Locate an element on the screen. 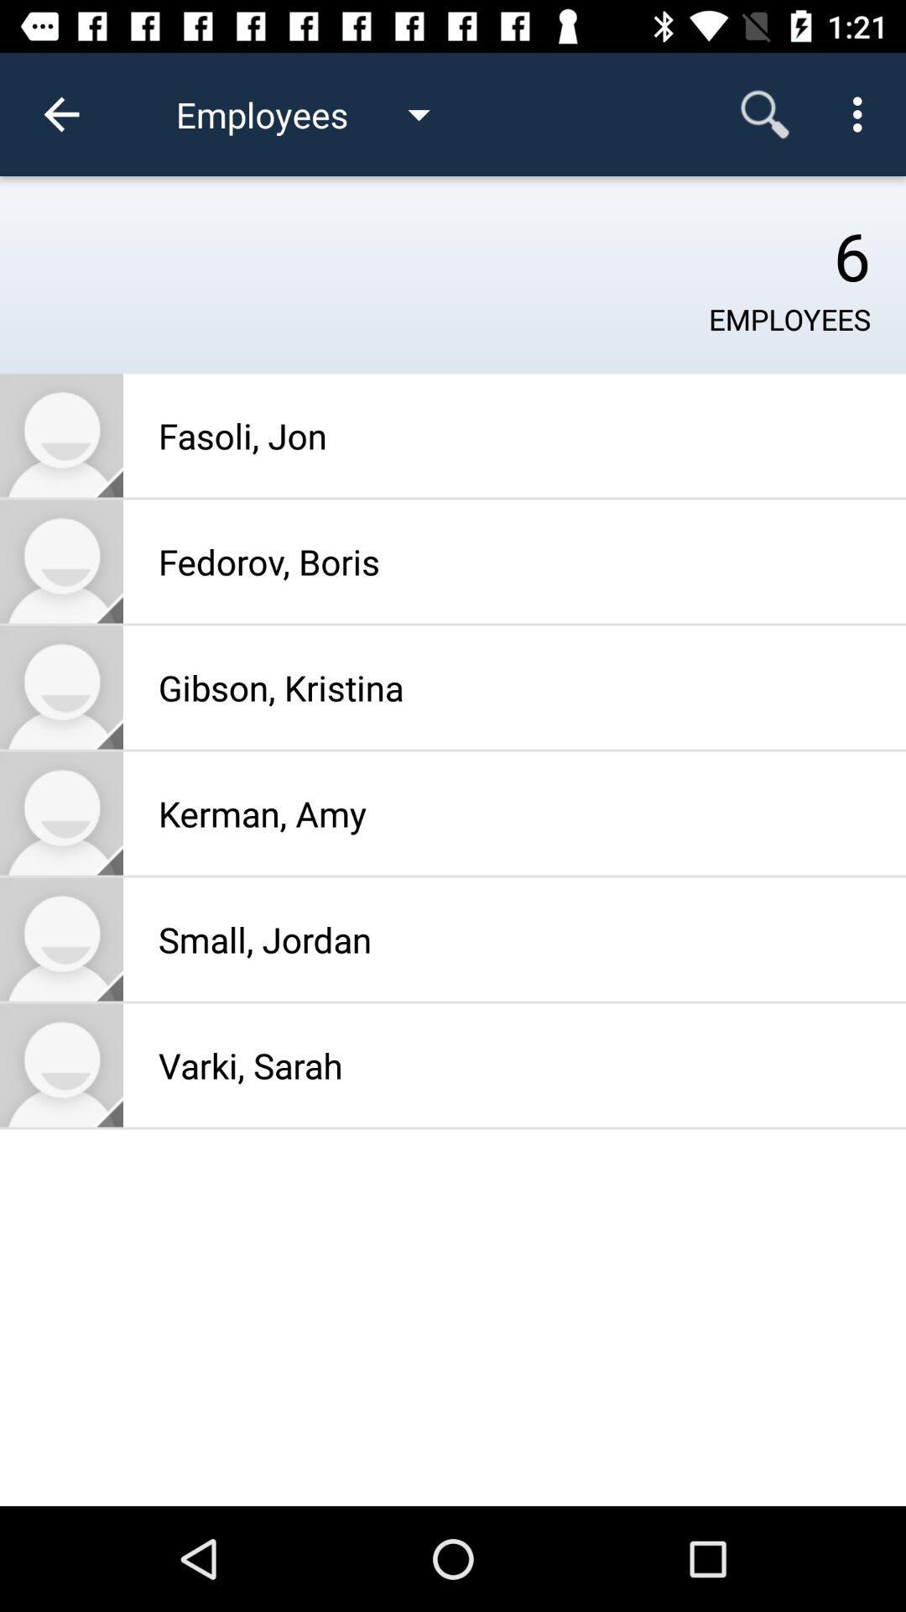  call jon fasoli is located at coordinates (60, 435).